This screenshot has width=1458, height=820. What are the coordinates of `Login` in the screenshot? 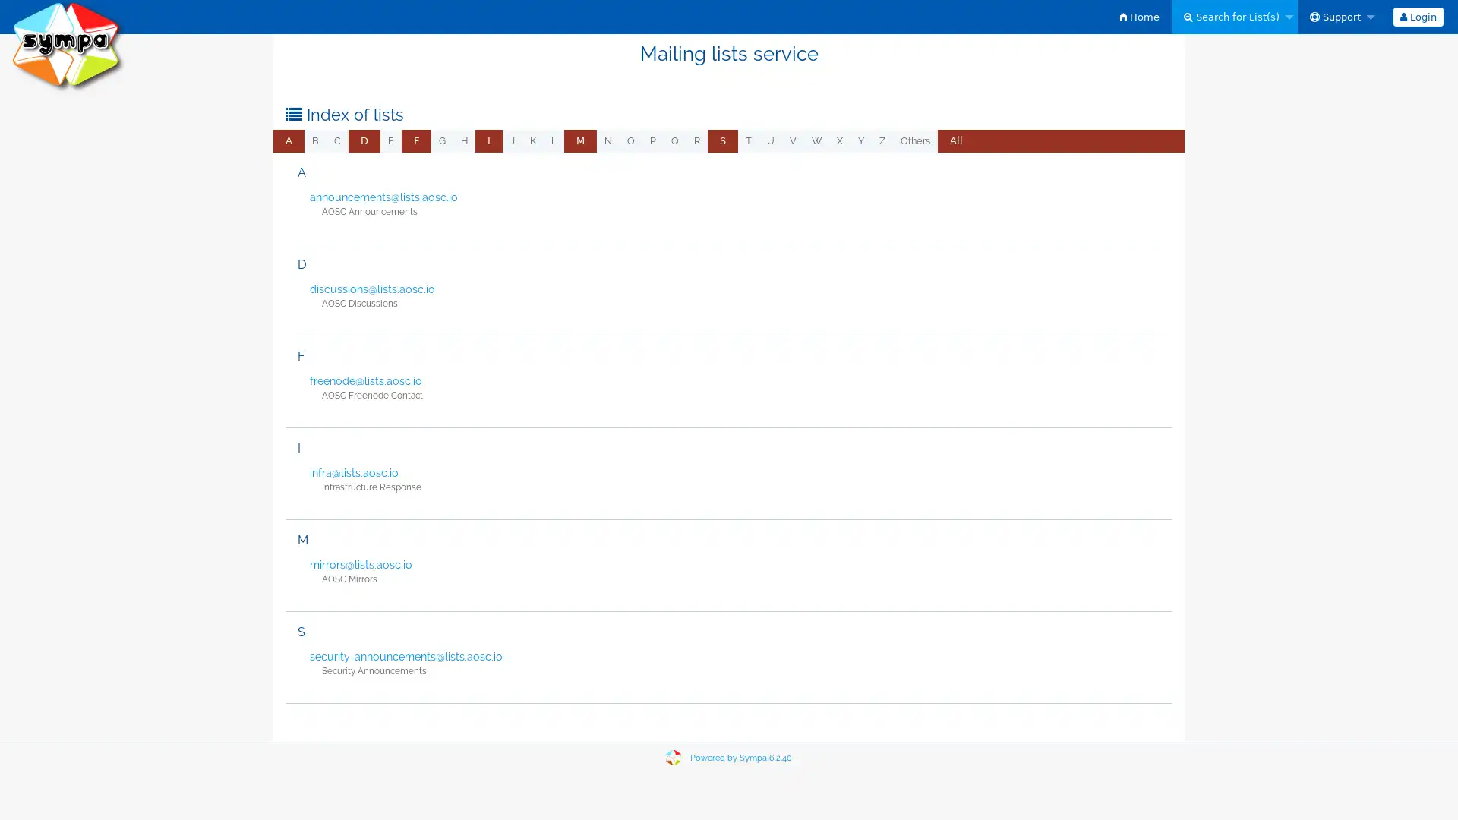 It's located at (1417, 17).